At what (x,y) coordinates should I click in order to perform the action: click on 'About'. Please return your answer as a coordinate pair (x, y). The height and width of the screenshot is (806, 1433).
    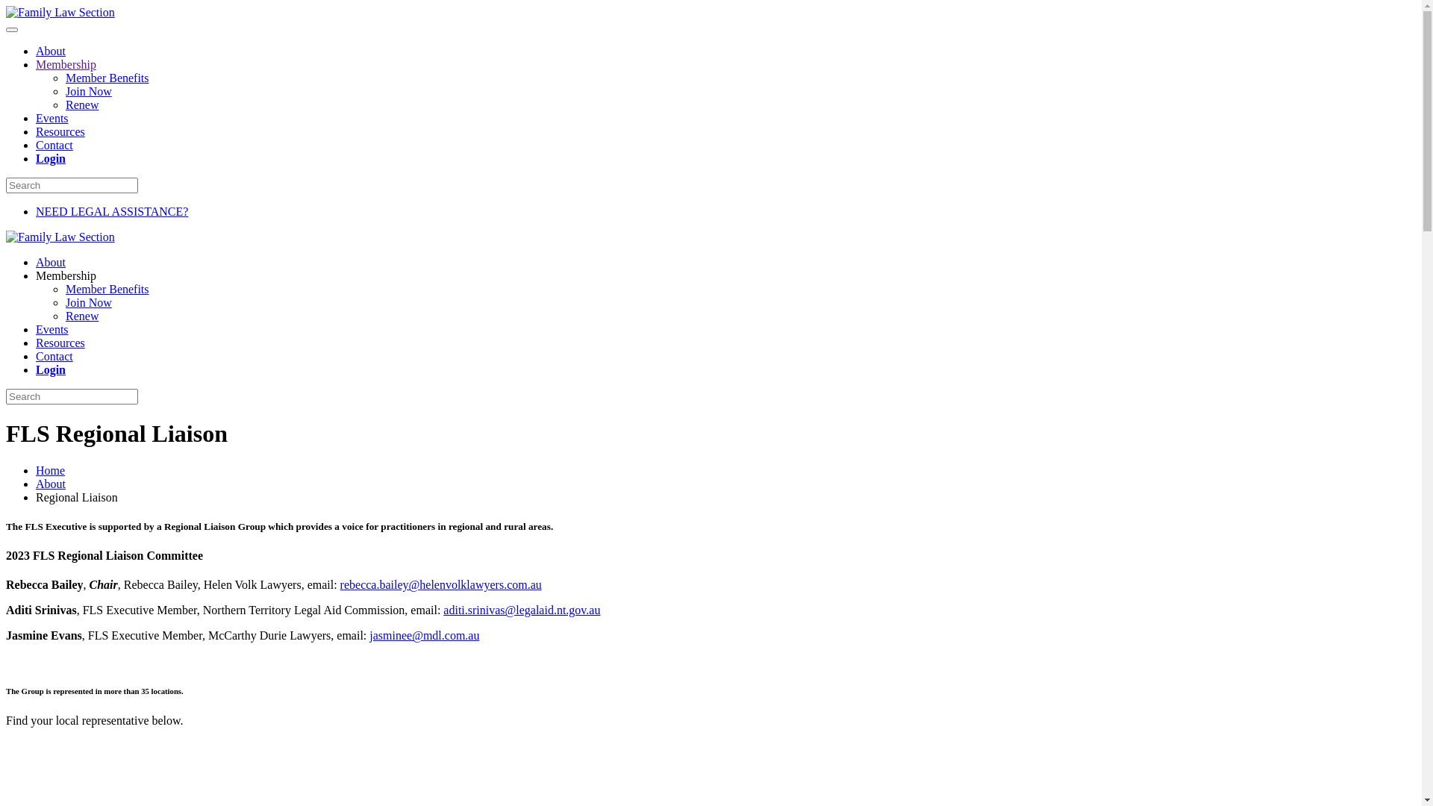
    Looking at the image, I should click on (50, 50).